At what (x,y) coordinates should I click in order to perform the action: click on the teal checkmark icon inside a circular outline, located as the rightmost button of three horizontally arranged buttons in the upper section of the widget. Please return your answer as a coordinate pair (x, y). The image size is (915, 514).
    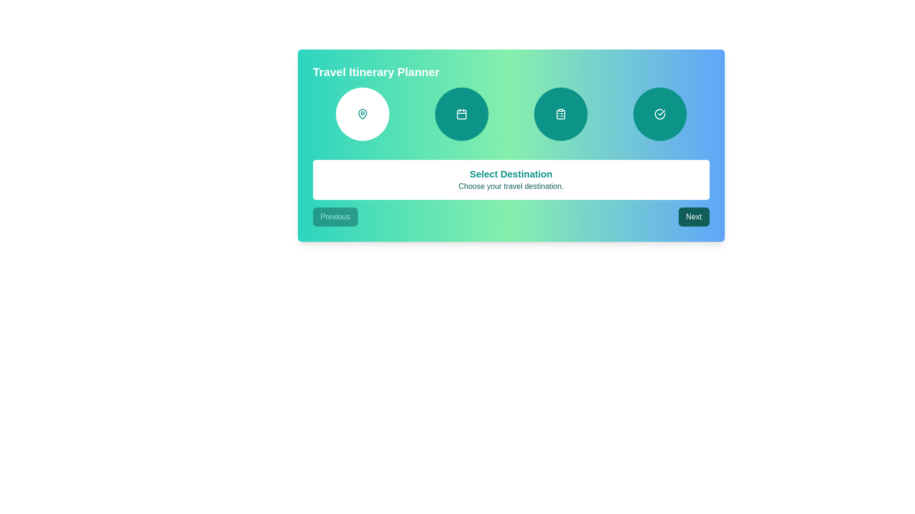
    Looking at the image, I should click on (659, 113).